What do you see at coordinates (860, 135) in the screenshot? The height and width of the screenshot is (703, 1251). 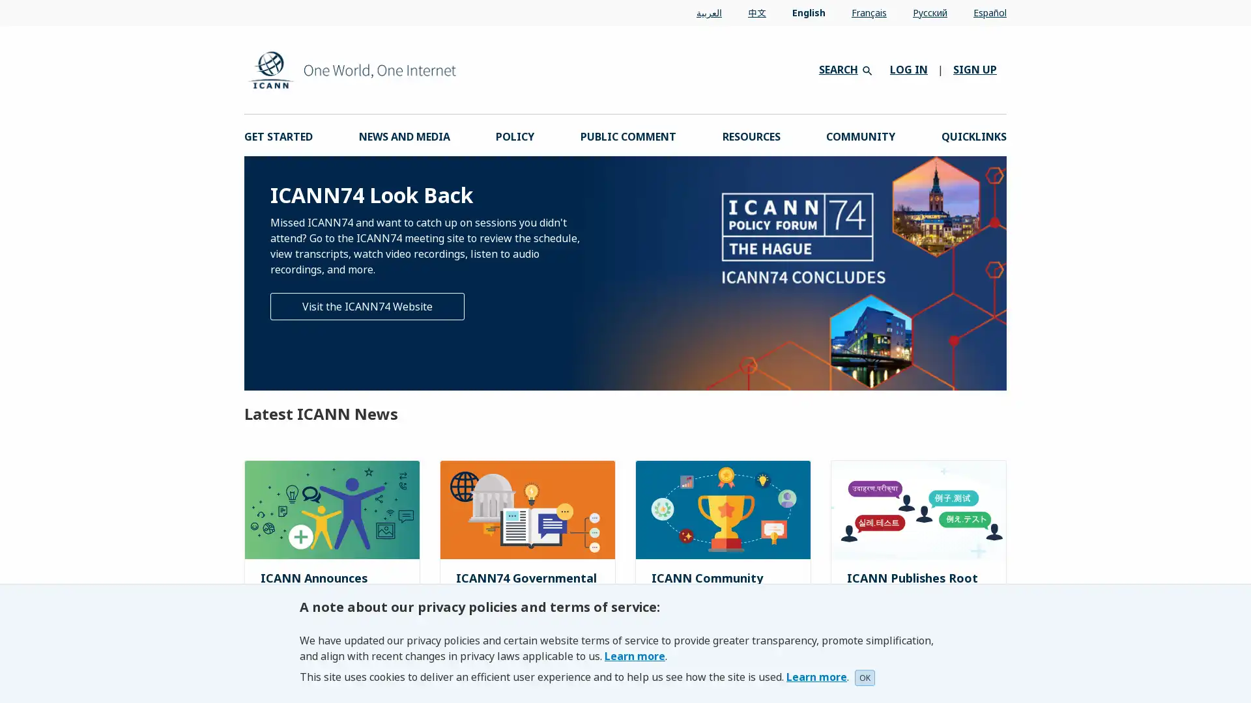 I see `COMMUNITY` at bounding box center [860, 135].